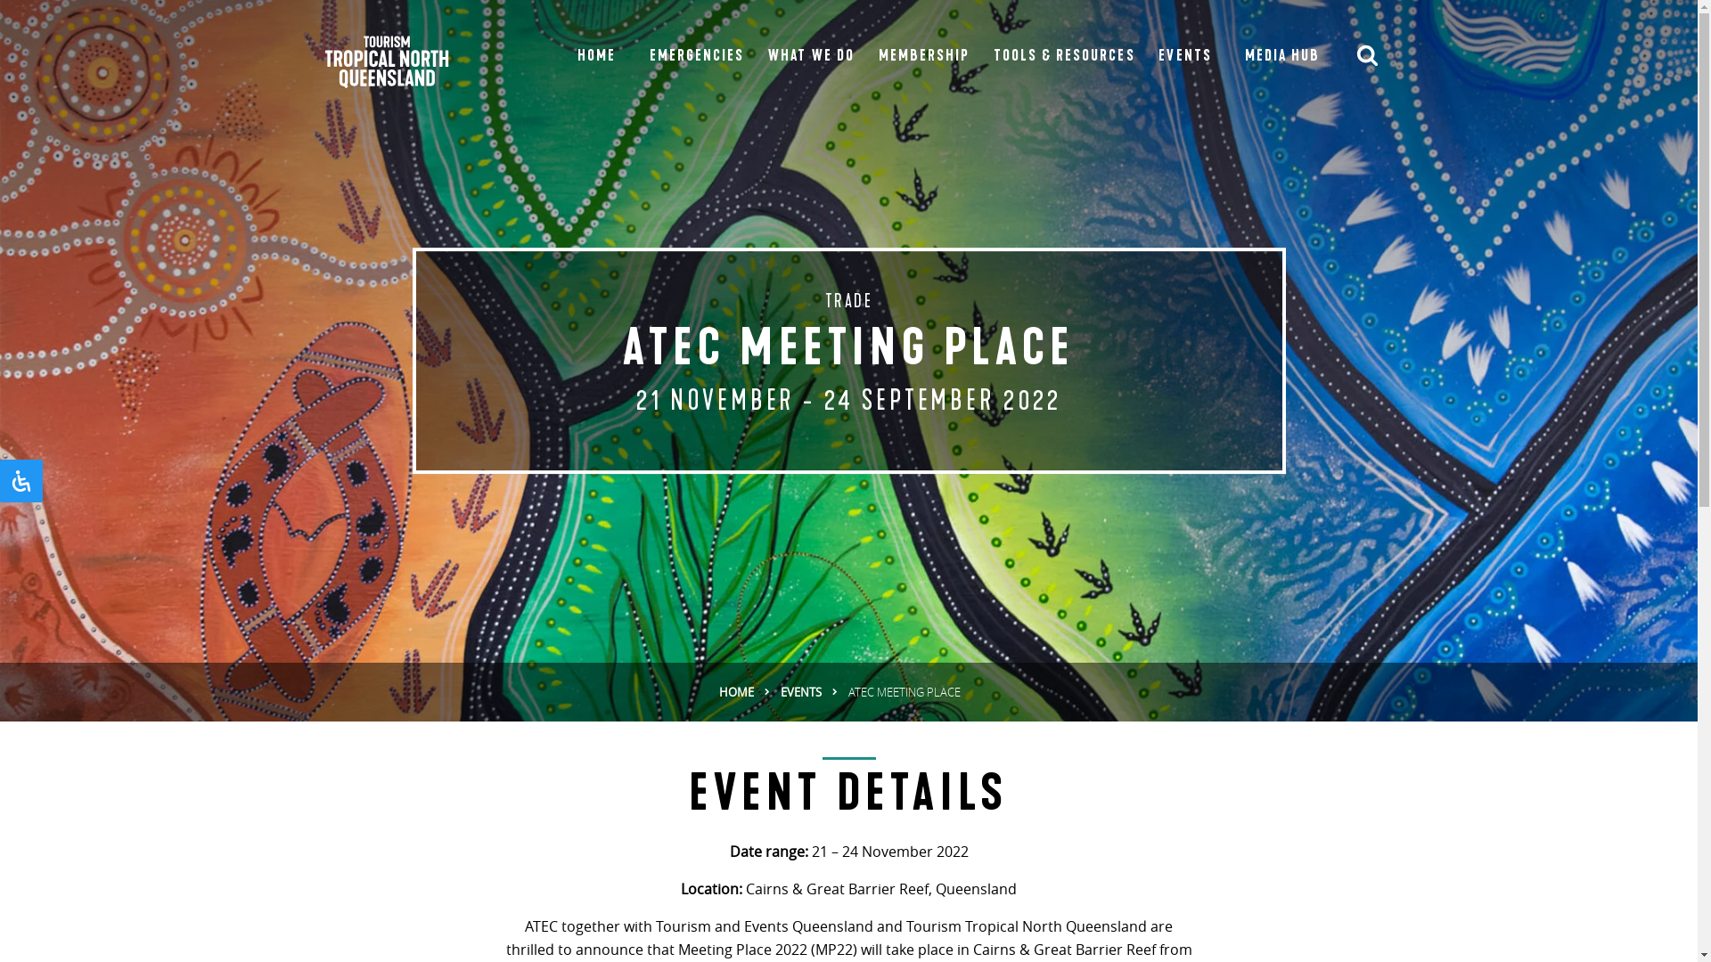 The image size is (1711, 962). Describe the element at coordinates (810, 54) in the screenshot. I see `'WHAT WE DO'` at that location.